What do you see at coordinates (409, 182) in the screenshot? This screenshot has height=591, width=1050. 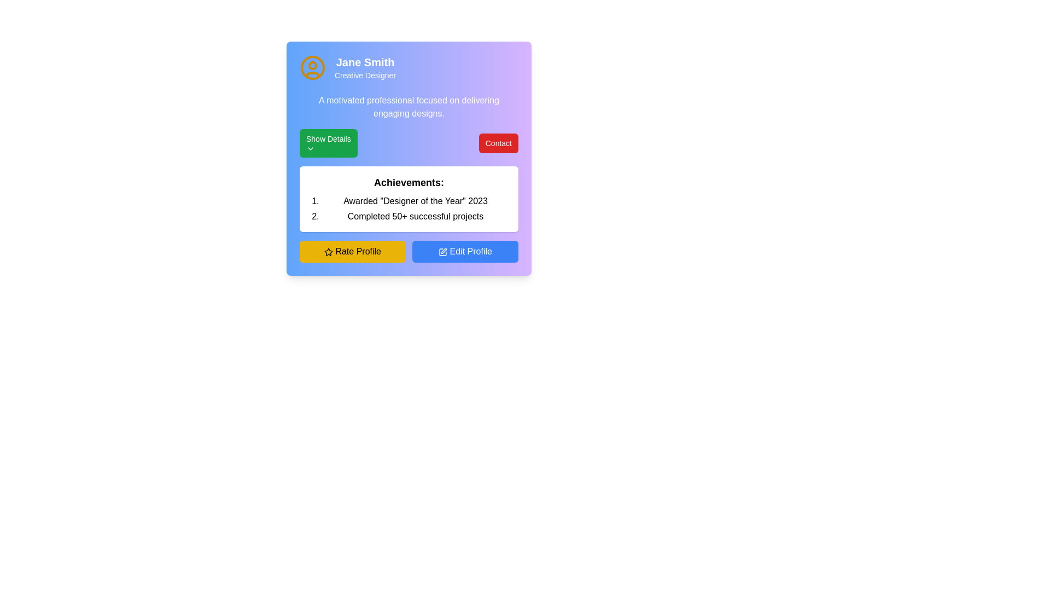 I see `the text label that reads 'Achievements:' which is prominently displayed in bold and slightly larger font at the center of the interface card` at bounding box center [409, 182].